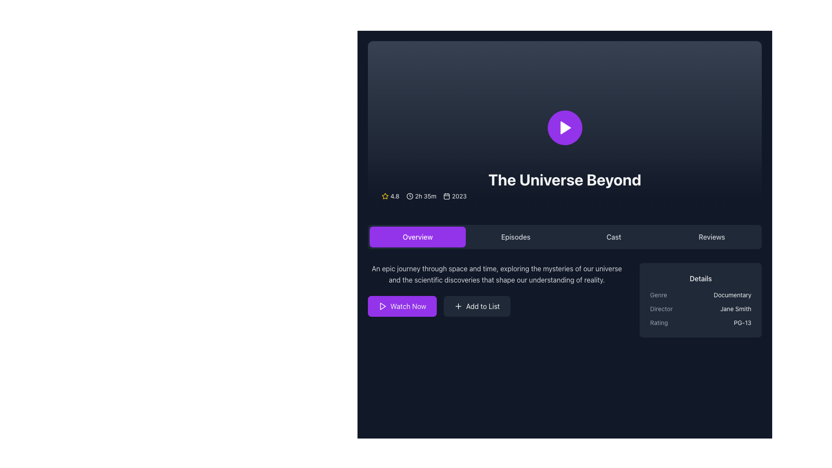 The height and width of the screenshot is (468, 832). What do you see at coordinates (701, 300) in the screenshot?
I see `content displayed in the informational panel located on the far-right side, below the 'Add to List' button` at bounding box center [701, 300].